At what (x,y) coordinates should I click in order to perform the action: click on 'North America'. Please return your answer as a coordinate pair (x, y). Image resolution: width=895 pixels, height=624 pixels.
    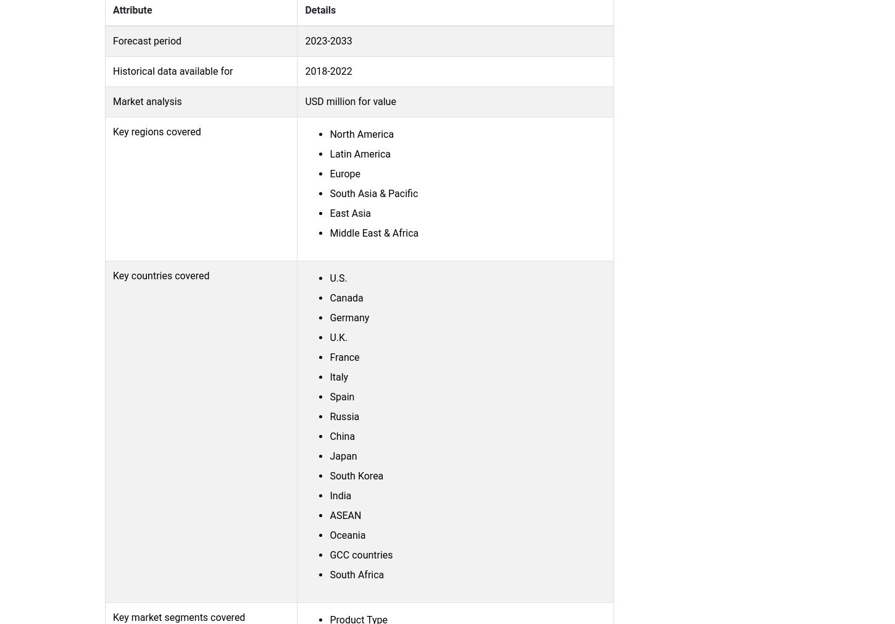
    Looking at the image, I should click on (330, 133).